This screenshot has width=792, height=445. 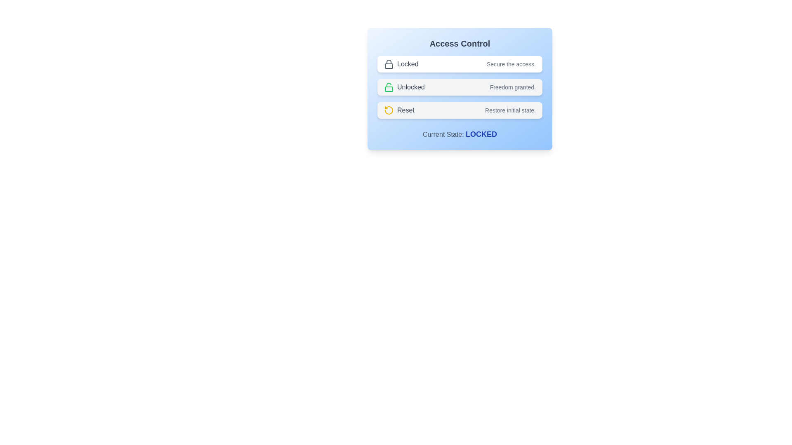 I want to click on the 'Locked' button to set the state to locked, so click(x=459, y=63).